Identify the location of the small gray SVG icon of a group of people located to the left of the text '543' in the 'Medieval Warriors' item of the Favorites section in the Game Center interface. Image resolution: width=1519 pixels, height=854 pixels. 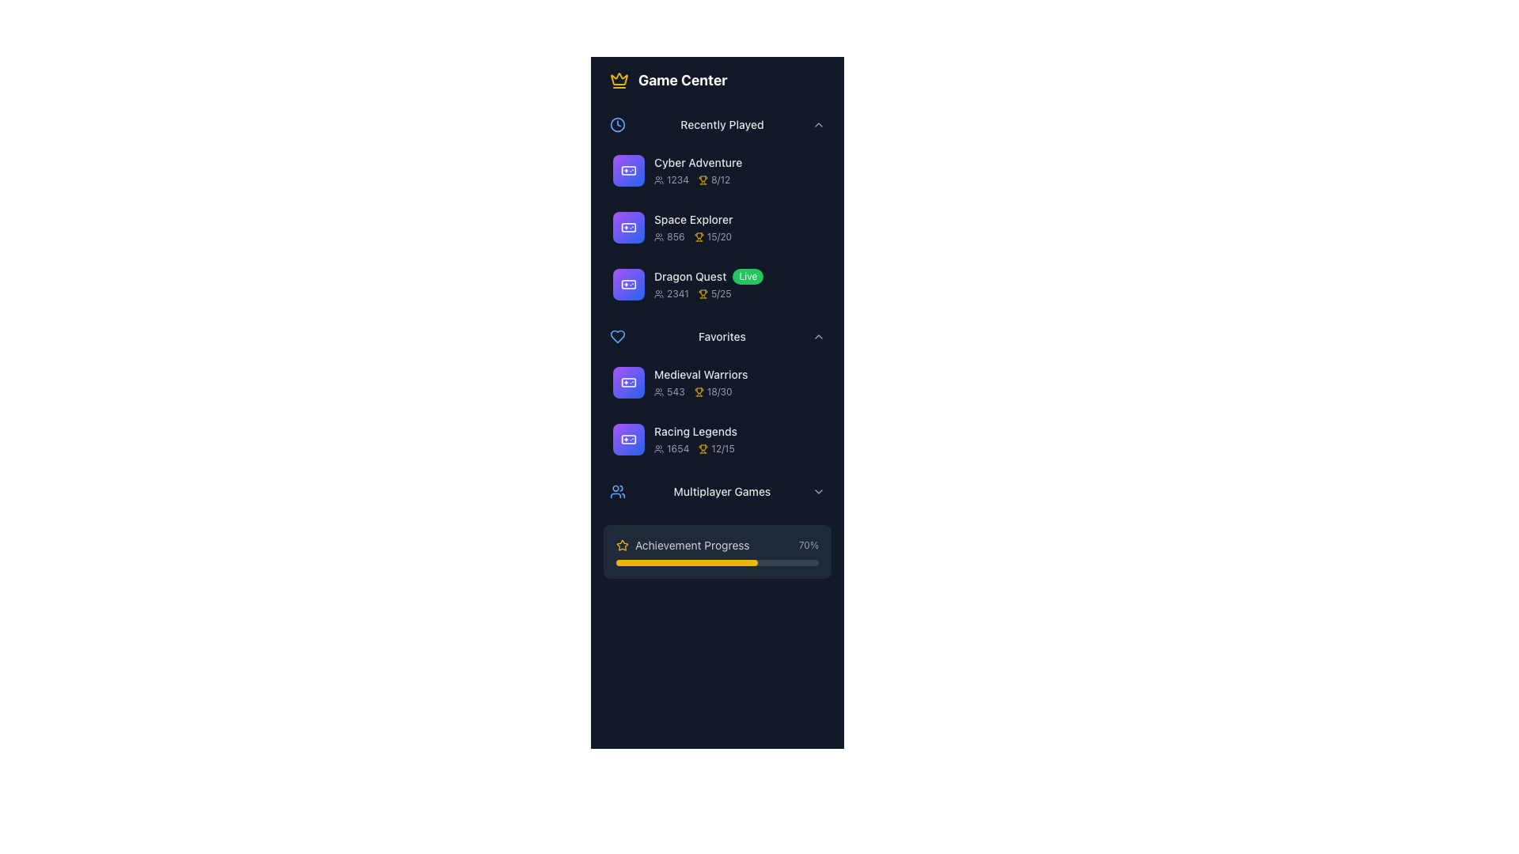
(659, 391).